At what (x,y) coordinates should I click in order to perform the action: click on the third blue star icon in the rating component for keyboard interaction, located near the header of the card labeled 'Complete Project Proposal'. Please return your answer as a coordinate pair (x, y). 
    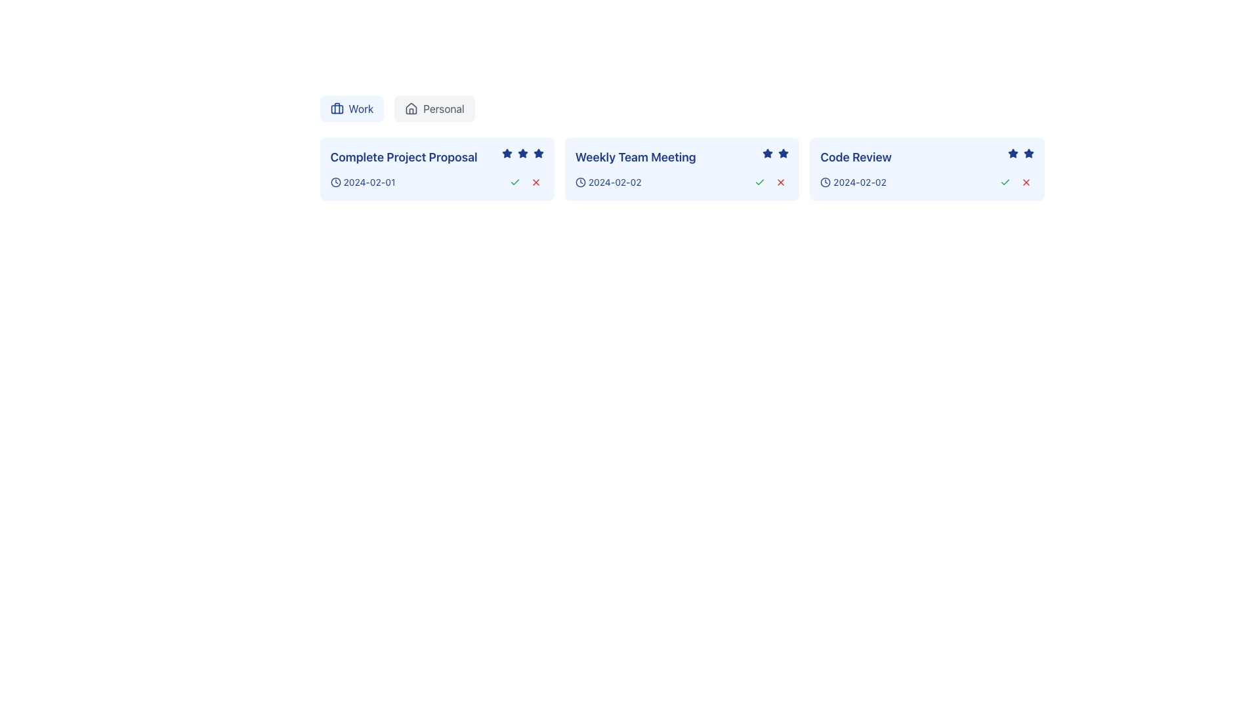
    Looking at the image, I should click on (522, 153).